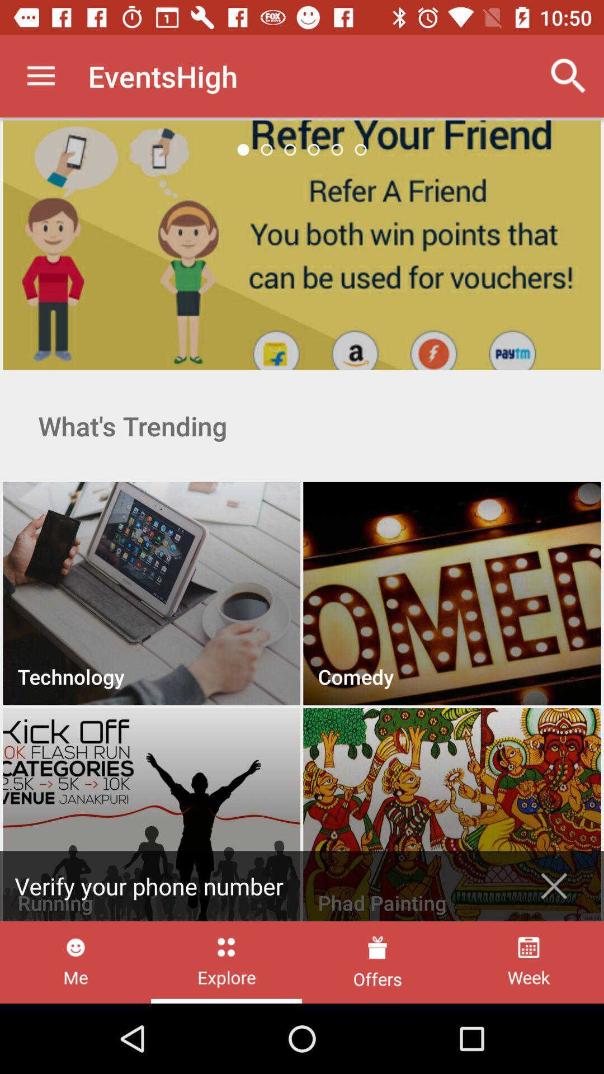 Image resolution: width=604 pixels, height=1074 pixels. Describe the element at coordinates (554, 885) in the screenshot. I see `the close icon` at that location.